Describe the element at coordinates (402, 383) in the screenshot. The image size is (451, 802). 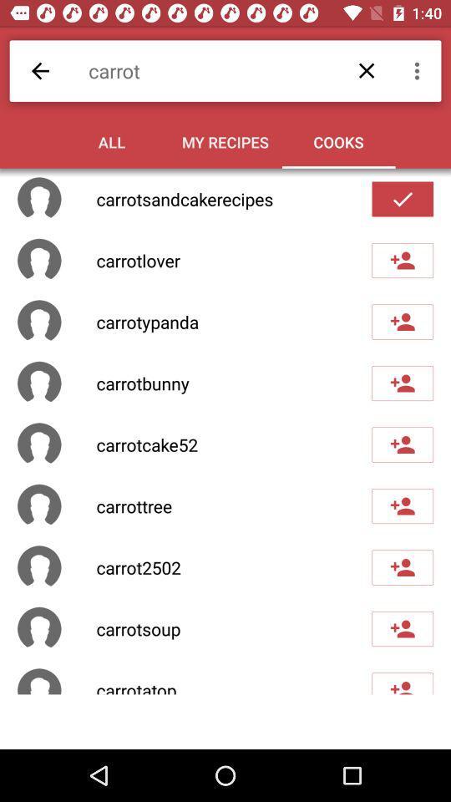
I see `to favorites` at that location.